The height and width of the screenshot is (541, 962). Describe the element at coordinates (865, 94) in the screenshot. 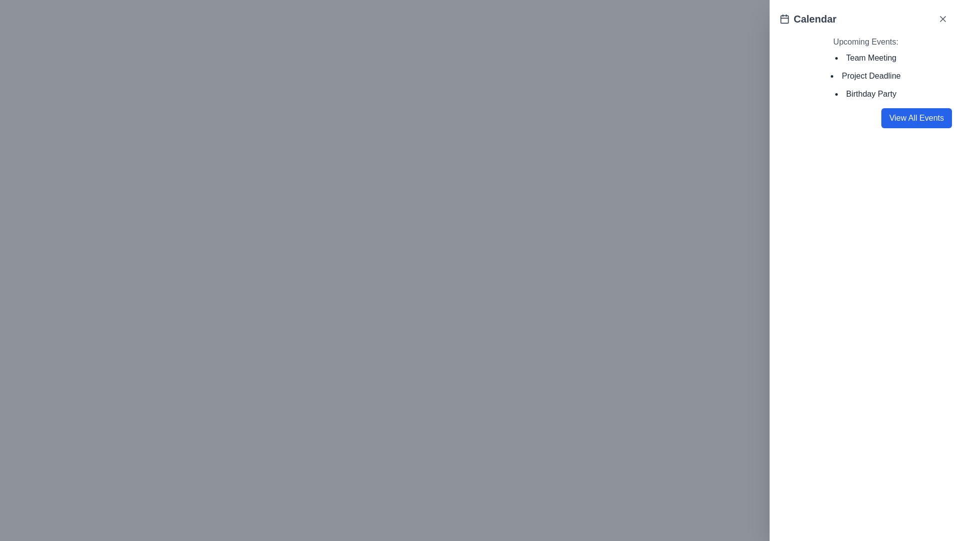

I see `the static text item labeled 'Birthday Party', which is the third item in the bulleted list under the 'Upcoming Events:' header` at that location.